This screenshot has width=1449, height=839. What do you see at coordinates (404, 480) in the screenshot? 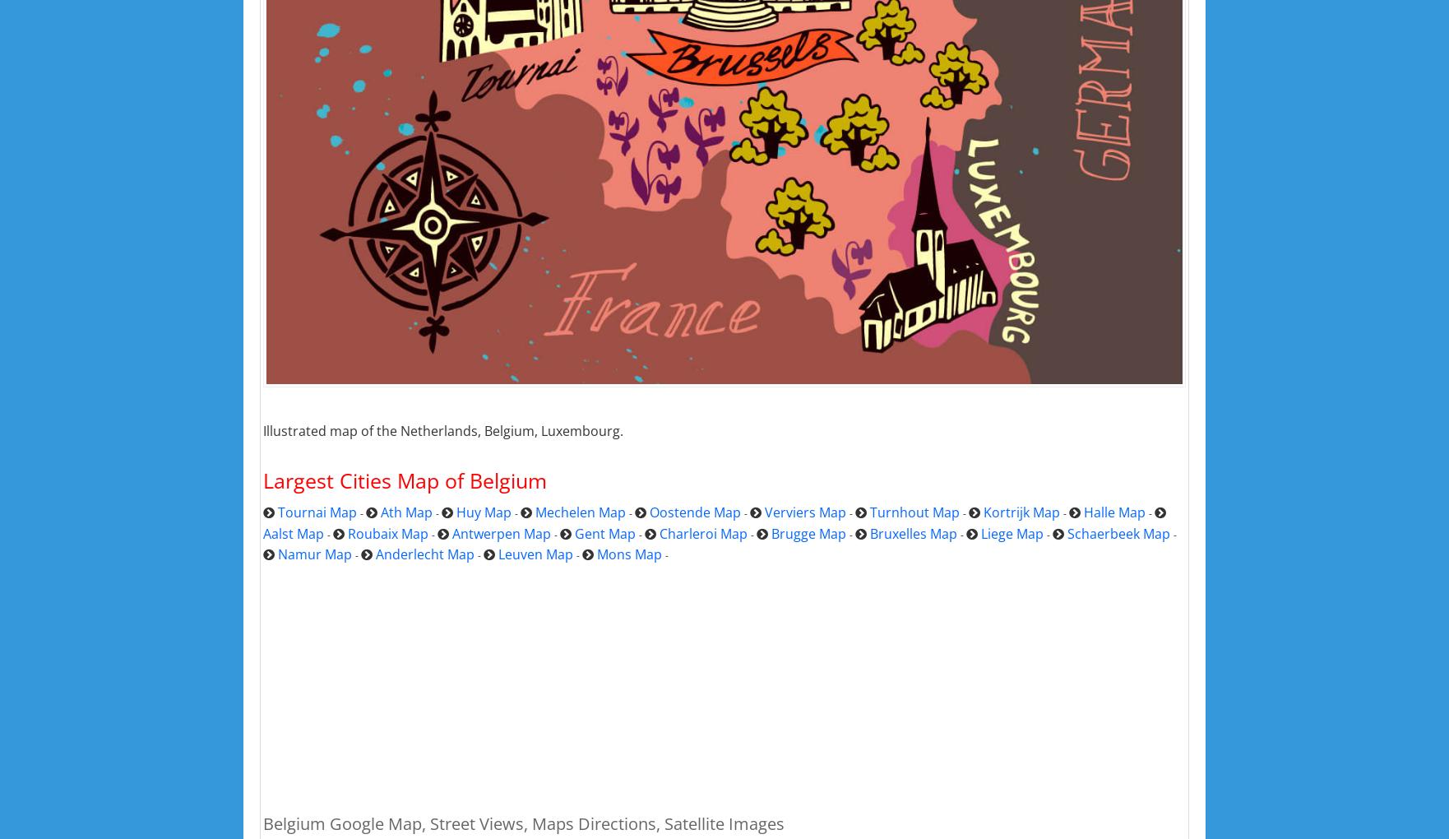
I see `'Largest Cities Map of Belgium'` at bounding box center [404, 480].